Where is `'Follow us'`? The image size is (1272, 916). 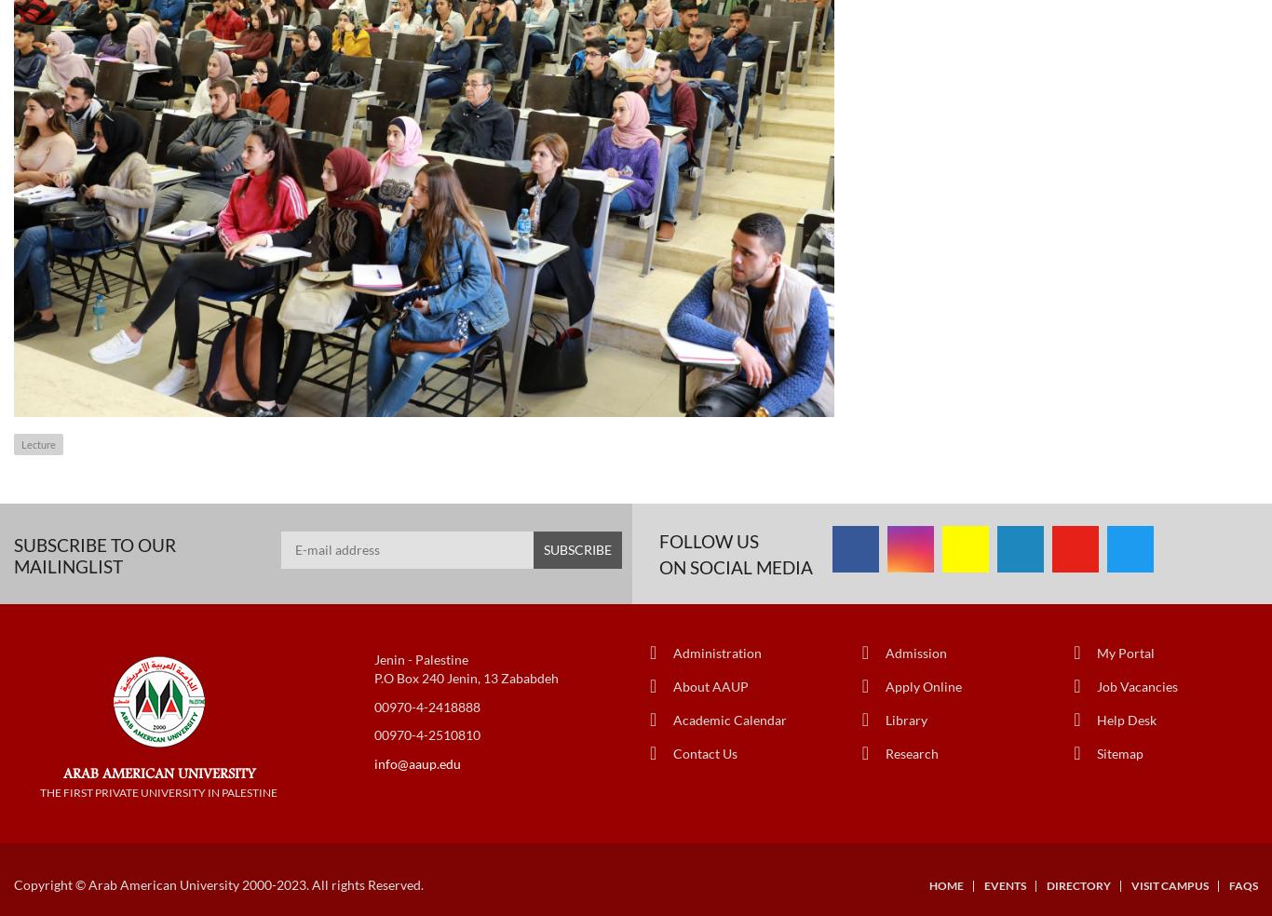 'Follow us' is located at coordinates (709, 539).